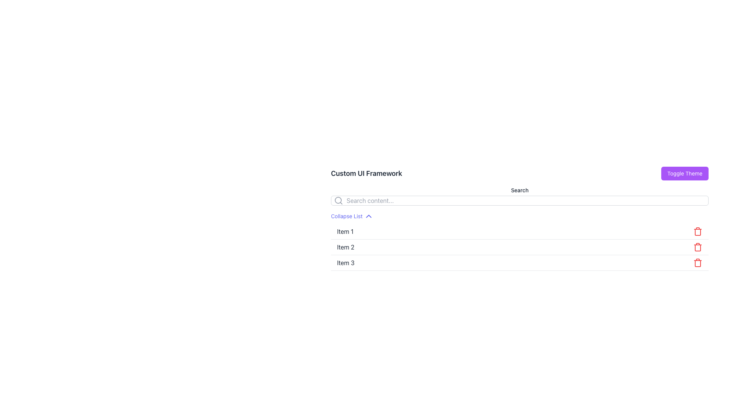  I want to click on the search input field located beneath the 'Search' label by using the tab key, so click(519, 200).